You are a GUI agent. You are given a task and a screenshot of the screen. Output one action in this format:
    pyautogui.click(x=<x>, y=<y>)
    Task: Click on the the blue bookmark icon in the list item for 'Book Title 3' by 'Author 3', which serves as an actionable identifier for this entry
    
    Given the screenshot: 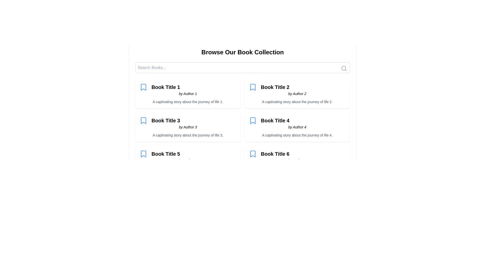 What is the action you would take?
    pyautogui.click(x=143, y=121)
    